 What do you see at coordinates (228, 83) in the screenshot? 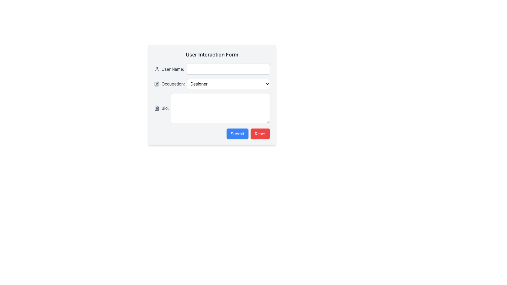
I see `an occupation from the dropdown menu labeled 'Designer', located to the right of 'Occupation:' with a downward arrow` at bounding box center [228, 83].